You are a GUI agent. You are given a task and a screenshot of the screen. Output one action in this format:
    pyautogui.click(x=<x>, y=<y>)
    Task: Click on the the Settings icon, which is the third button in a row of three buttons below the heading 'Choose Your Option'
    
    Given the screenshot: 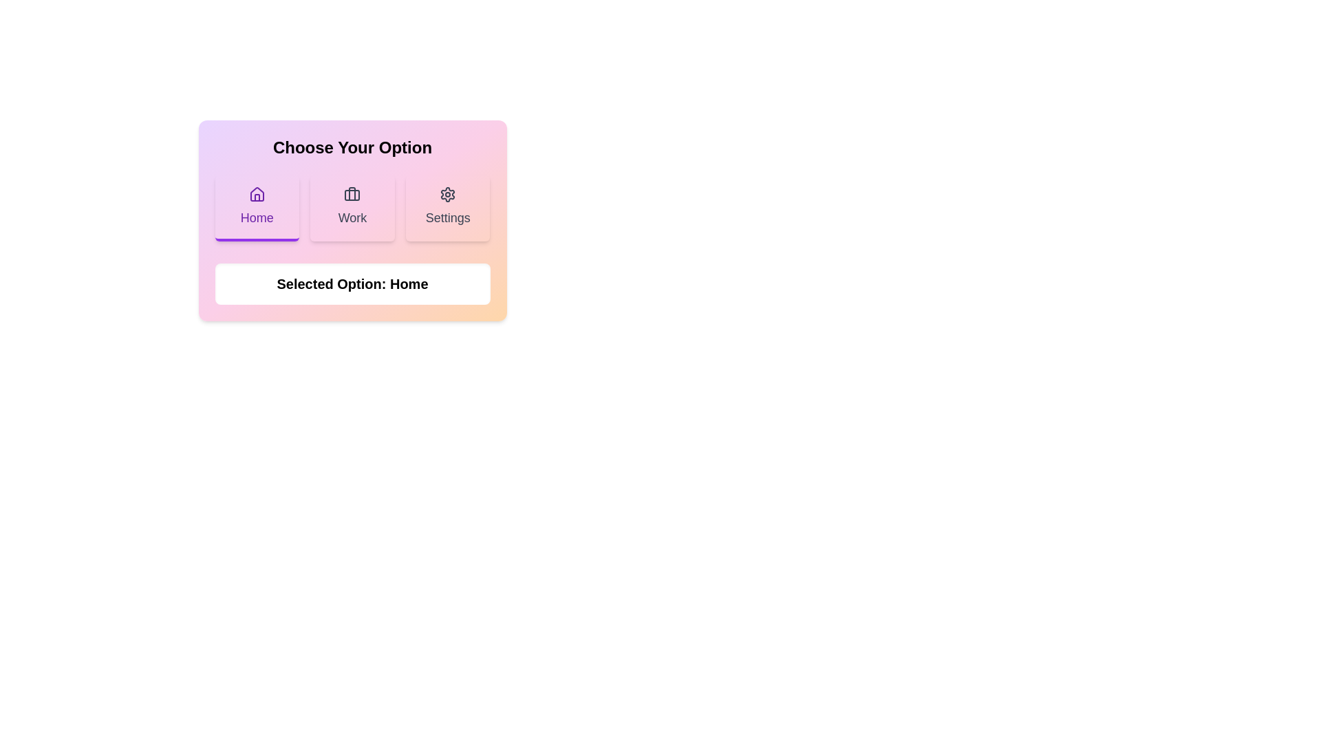 What is the action you would take?
    pyautogui.click(x=448, y=194)
    